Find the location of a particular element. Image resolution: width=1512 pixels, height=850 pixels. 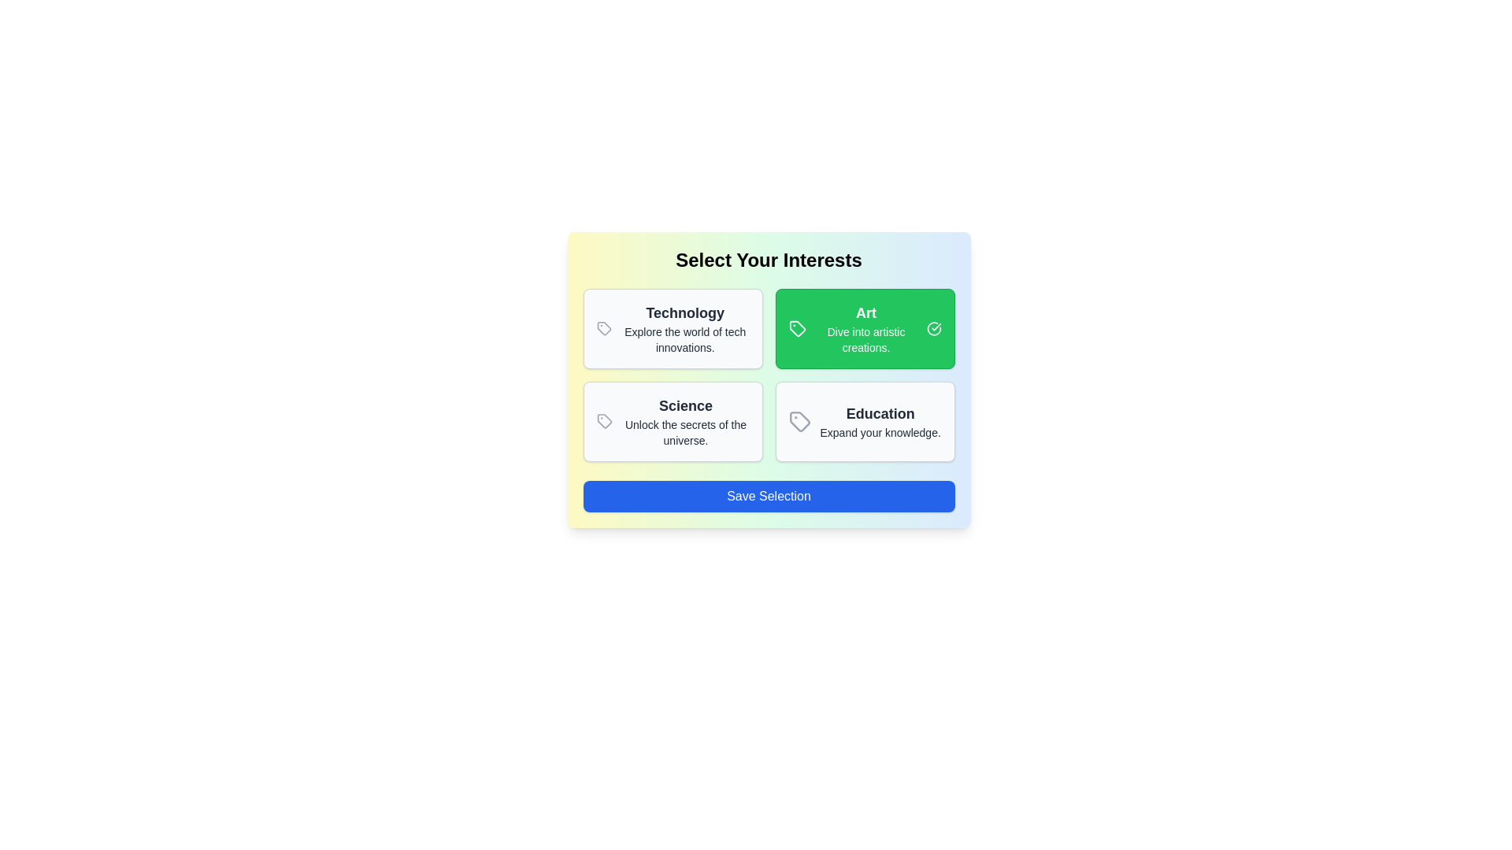

the category card for Art is located at coordinates (864, 327).